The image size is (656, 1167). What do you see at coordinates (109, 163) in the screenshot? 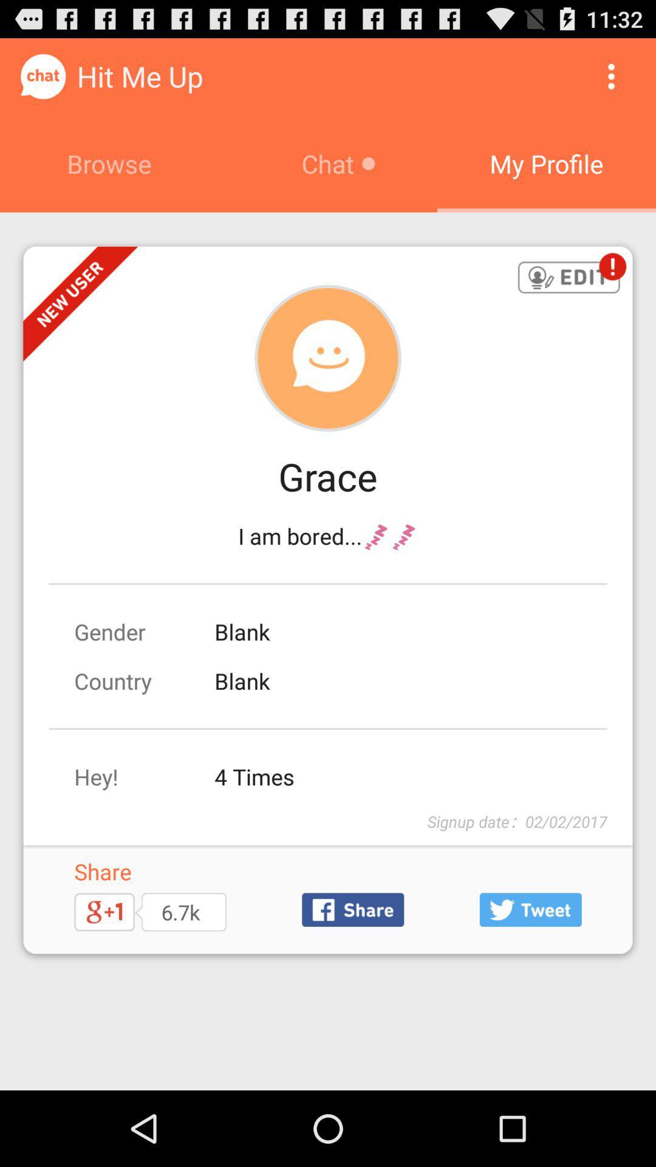
I see `browse` at bounding box center [109, 163].